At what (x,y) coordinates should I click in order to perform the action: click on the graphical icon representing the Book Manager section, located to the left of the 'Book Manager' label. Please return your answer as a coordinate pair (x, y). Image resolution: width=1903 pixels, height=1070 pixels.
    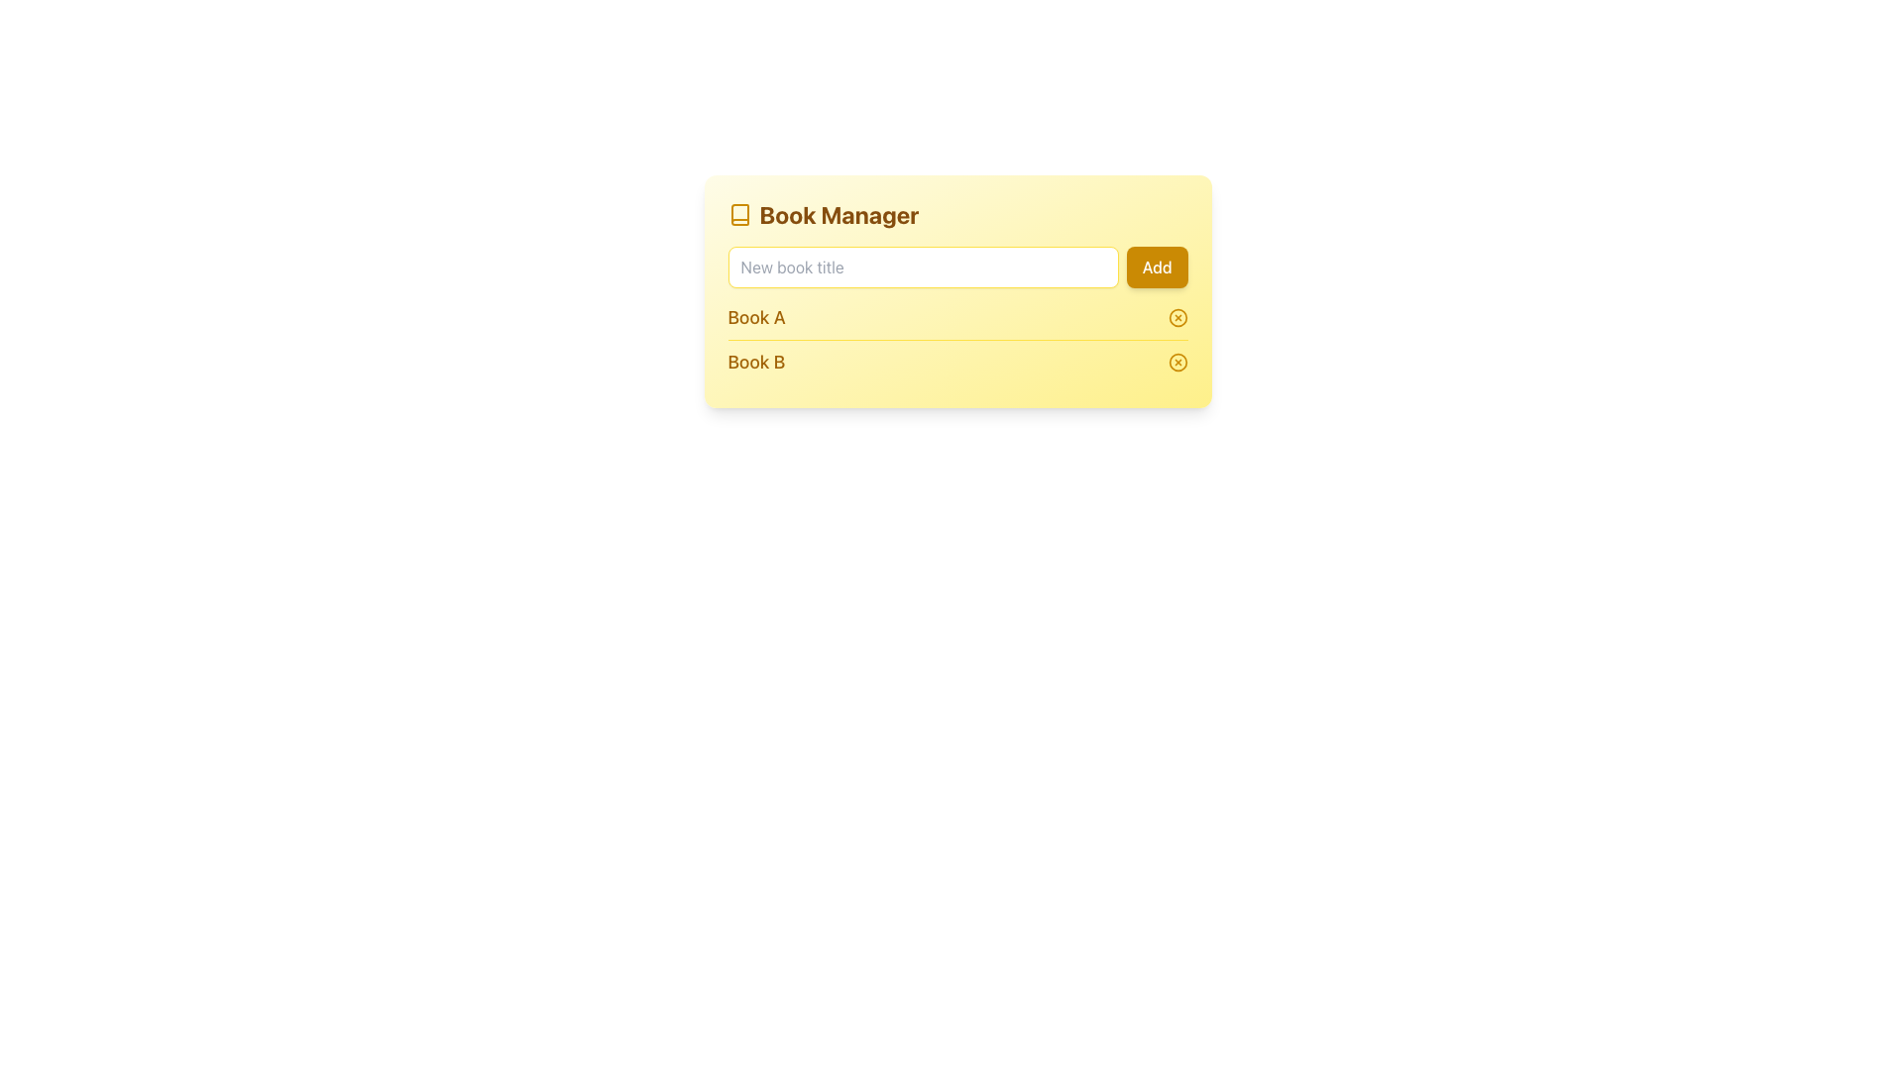
    Looking at the image, I should click on (738, 214).